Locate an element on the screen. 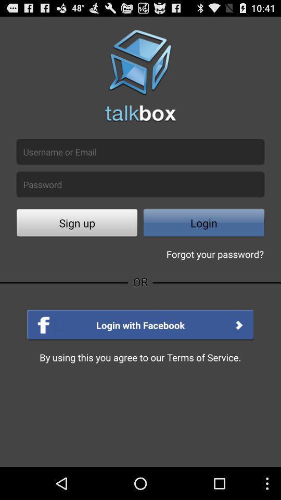 The height and width of the screenshot is (500, 281). read the text which is in the bottom line of the page is located at coordinates (140, 357).